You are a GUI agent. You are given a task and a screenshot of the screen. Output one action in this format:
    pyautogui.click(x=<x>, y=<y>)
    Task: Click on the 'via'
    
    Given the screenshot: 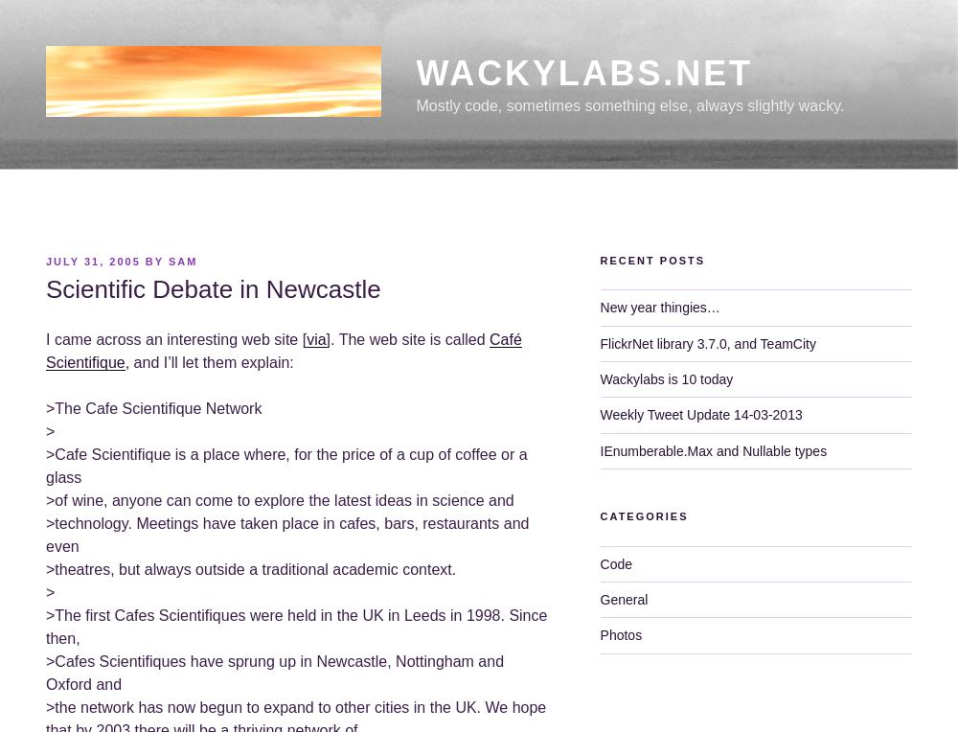 What is the action you would take?
    pyautogui.click(x=315, y=338)
    